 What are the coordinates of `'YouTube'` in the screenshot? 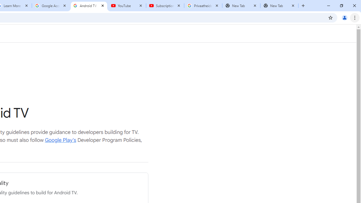 It's located at (127, 6).